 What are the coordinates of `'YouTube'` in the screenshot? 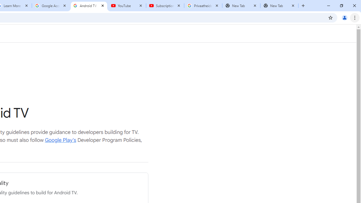 It's located at (127, 6).